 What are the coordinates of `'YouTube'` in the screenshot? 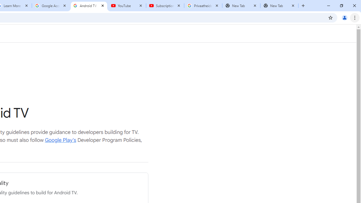 It's located at (127, 6).